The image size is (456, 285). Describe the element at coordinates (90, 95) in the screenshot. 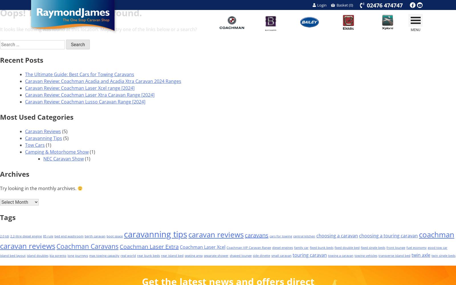

I see `'Caravan Review: Coachman Laser Xtra Caravan Range [2024]'` at that location.